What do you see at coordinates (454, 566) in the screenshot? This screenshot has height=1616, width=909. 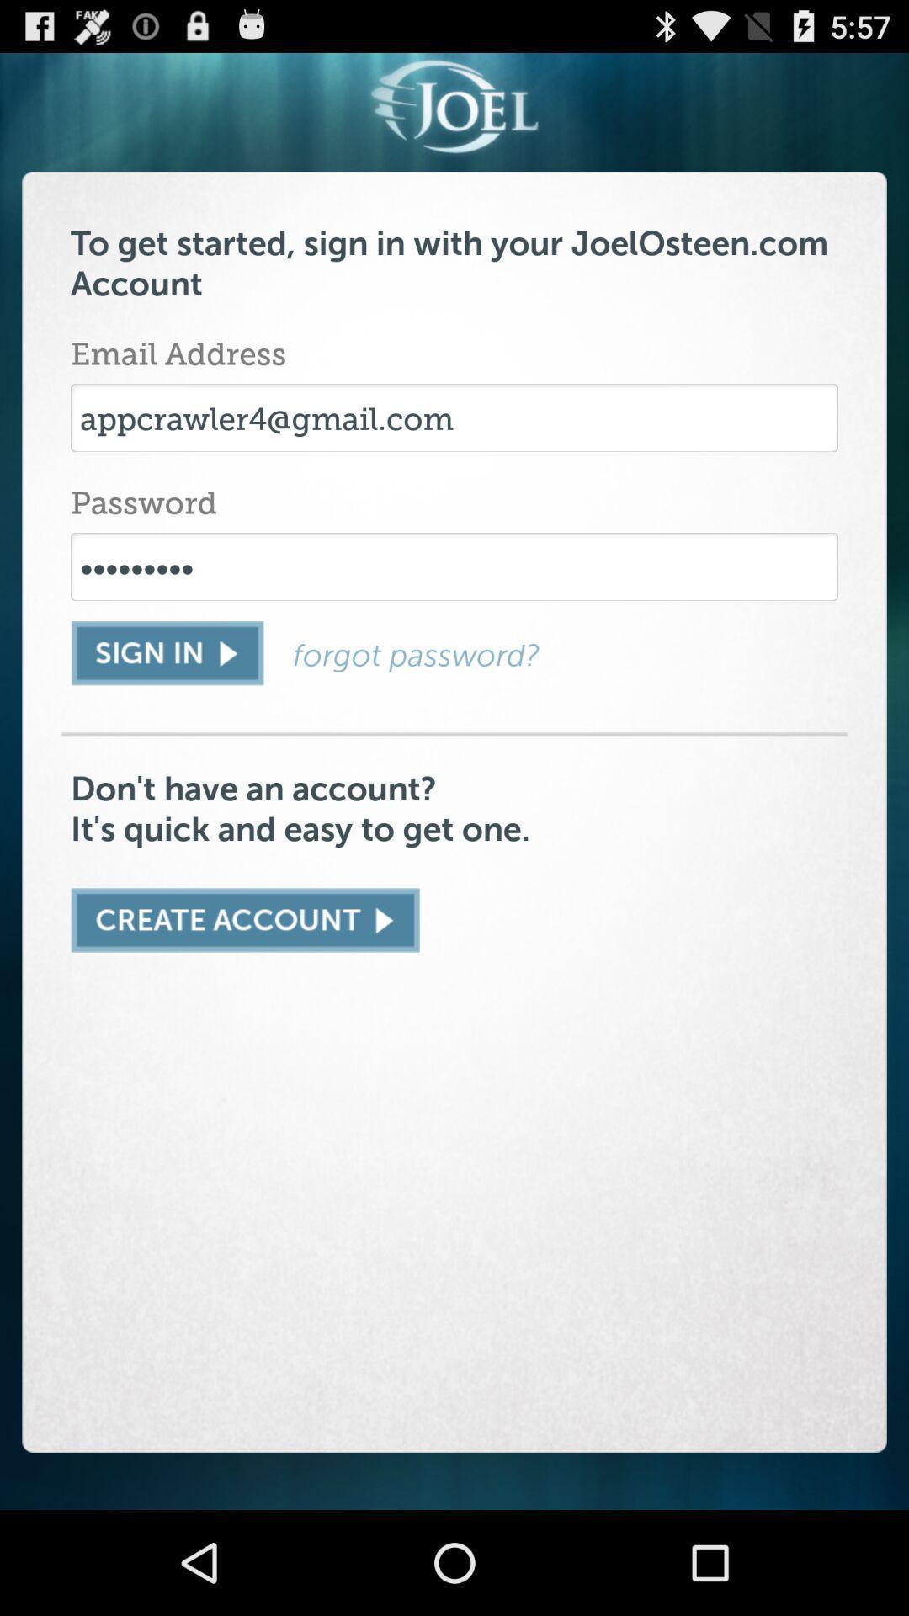 I see `the crowd3116 item` at bounding box center [454, 566].